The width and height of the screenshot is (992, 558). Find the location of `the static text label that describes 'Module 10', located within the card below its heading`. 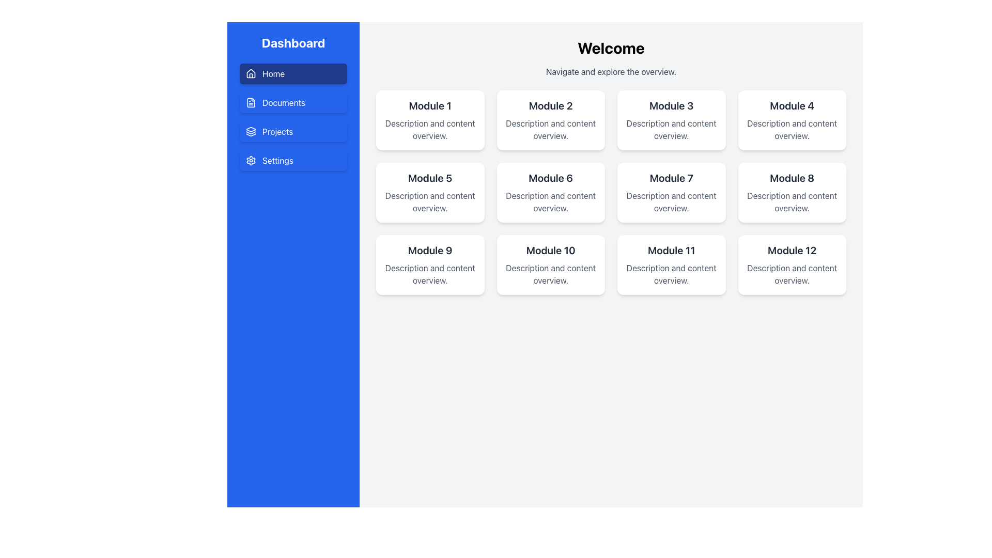

the static text label that describes 'Module 10', located within the card below its heading is located at coordinates (550, 274).